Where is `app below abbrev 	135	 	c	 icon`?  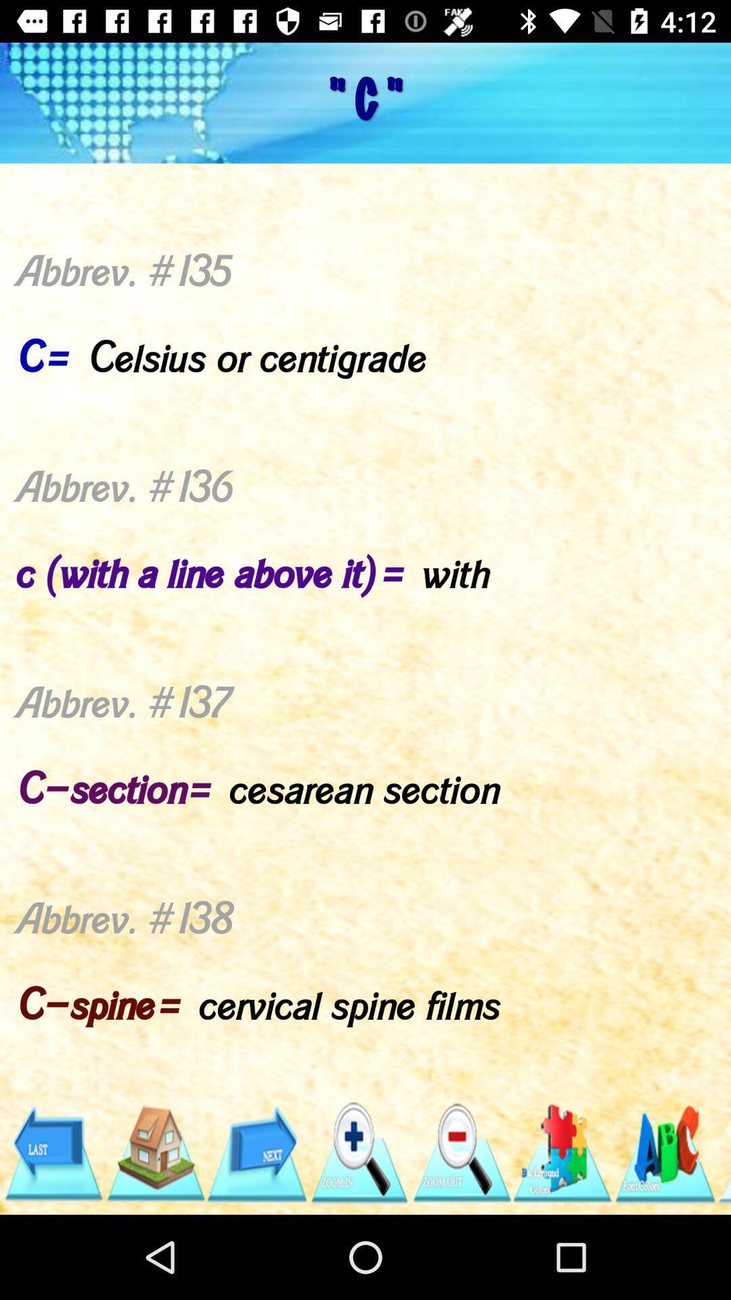
app below abbrev 	135	 	c	 icon is located at coordinates (358, 1152).